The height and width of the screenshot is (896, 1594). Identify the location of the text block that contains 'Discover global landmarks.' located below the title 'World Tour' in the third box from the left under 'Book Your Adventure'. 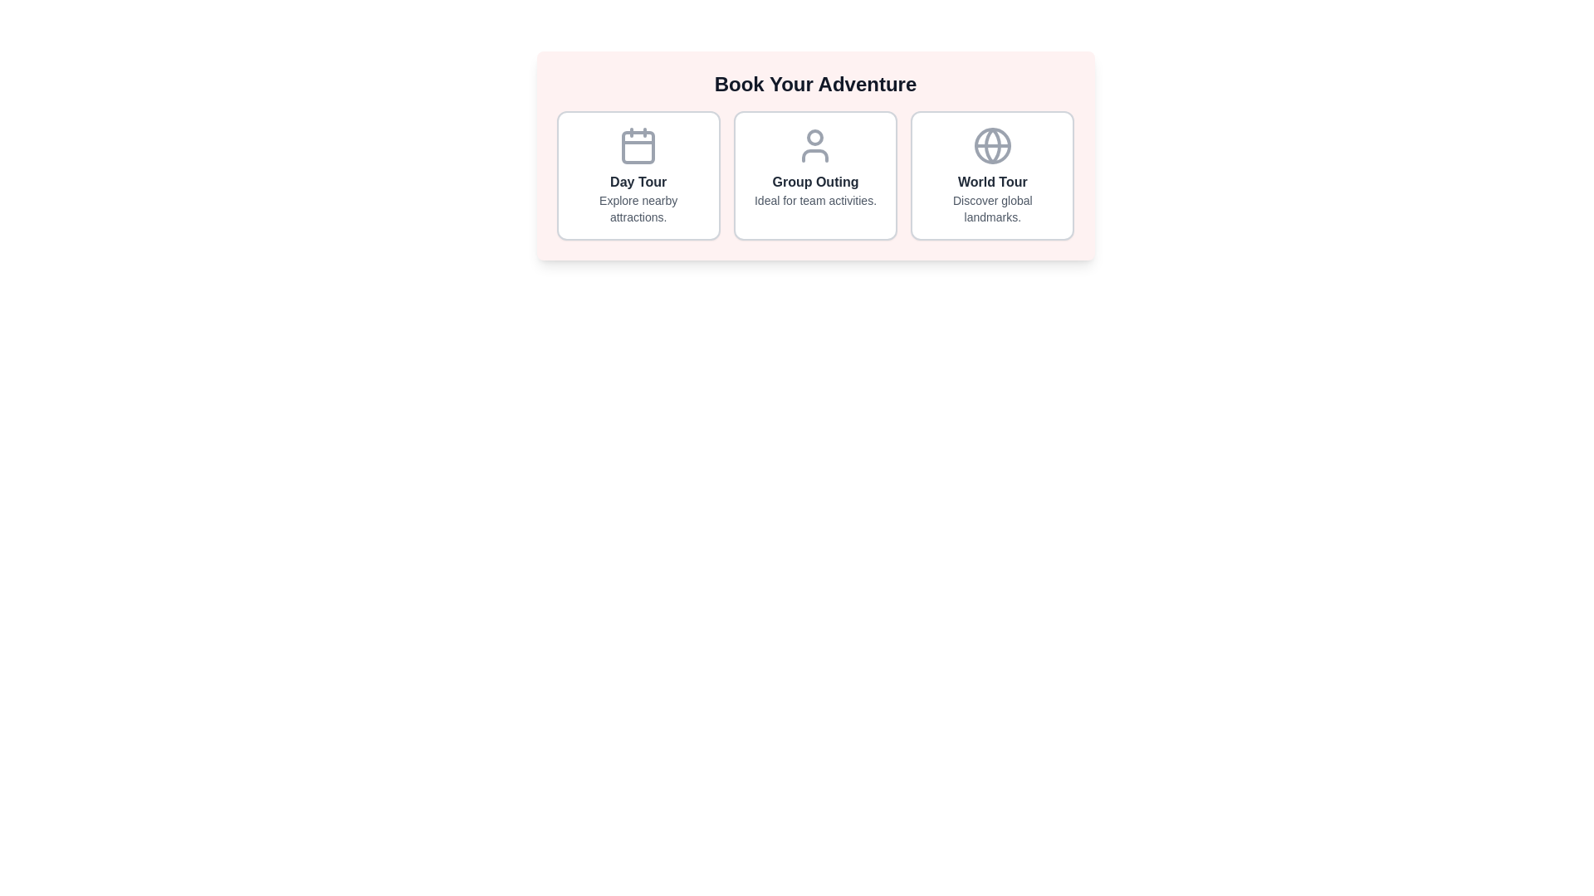
(992, 207).